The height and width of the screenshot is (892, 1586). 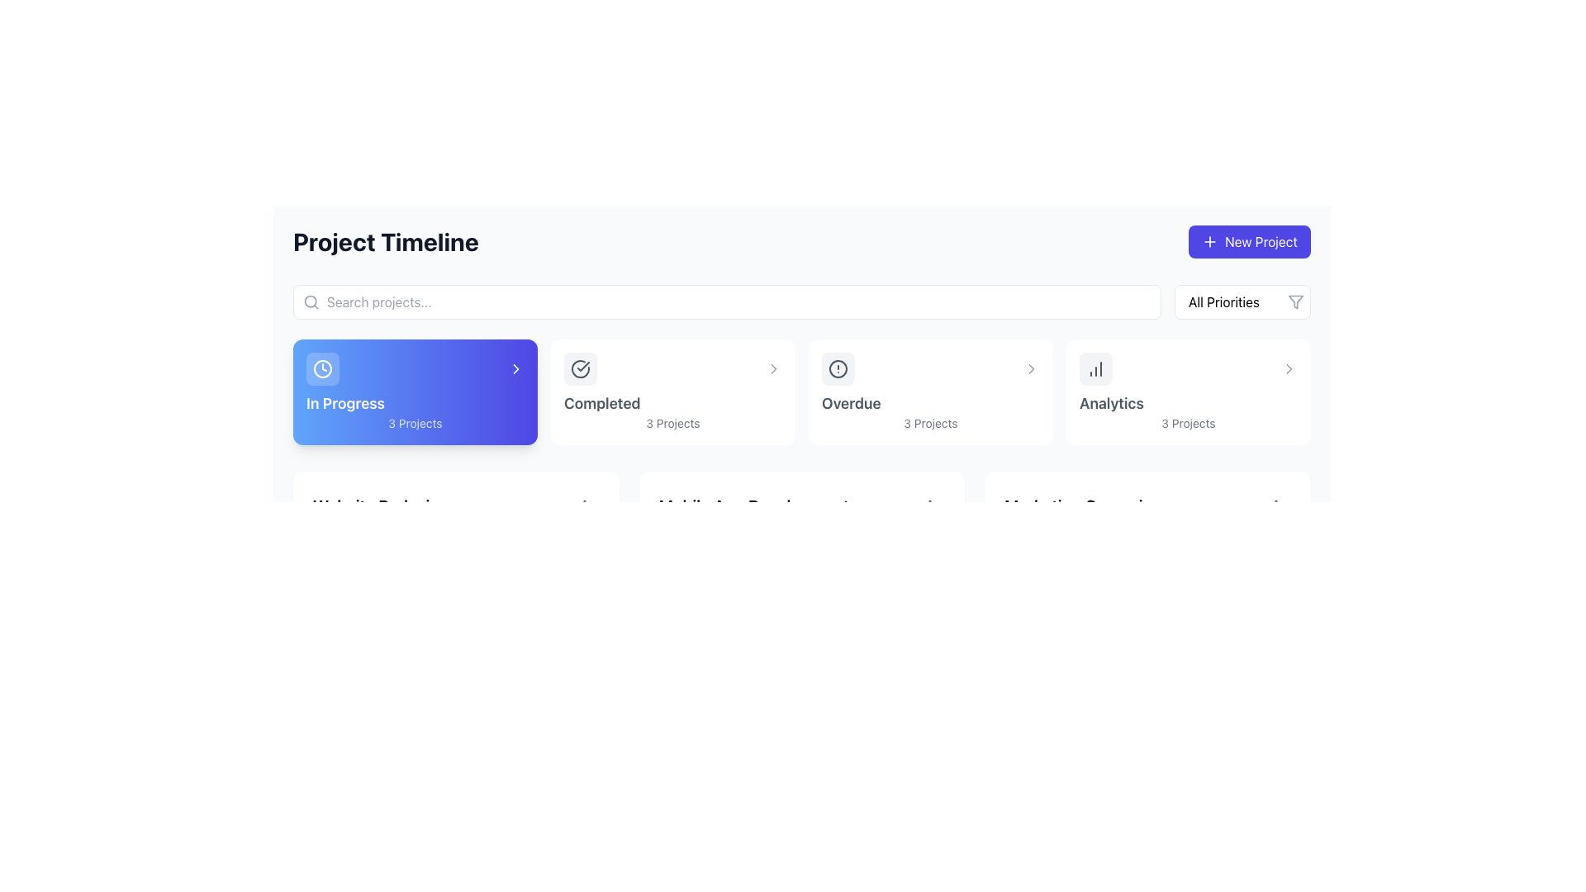 What do you see at coordinates (515, 368) in the screenshot?
I see `the Chevron icon in the top-right corner of the 'In Progress' card` at bounding box center [515, 368].